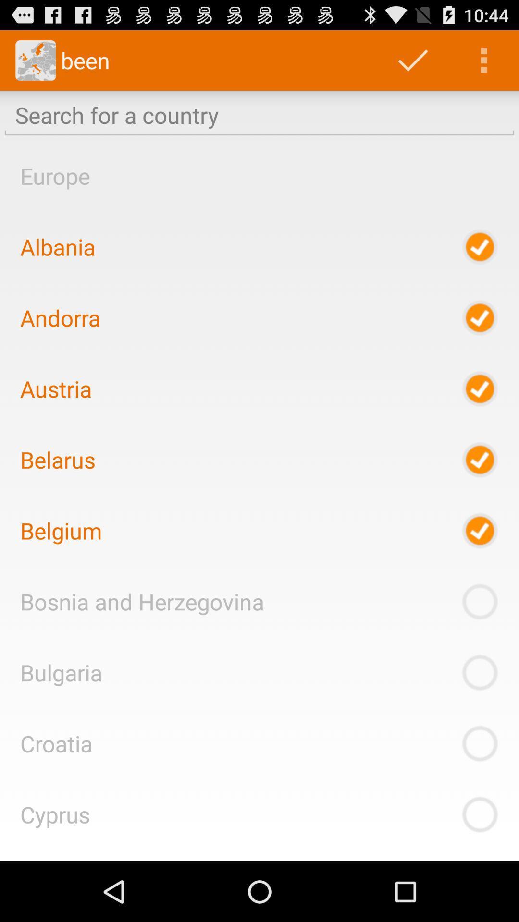  Describe the element at coordinates (412, 60) in the screenshot. I see `item to the right of been` at that location.